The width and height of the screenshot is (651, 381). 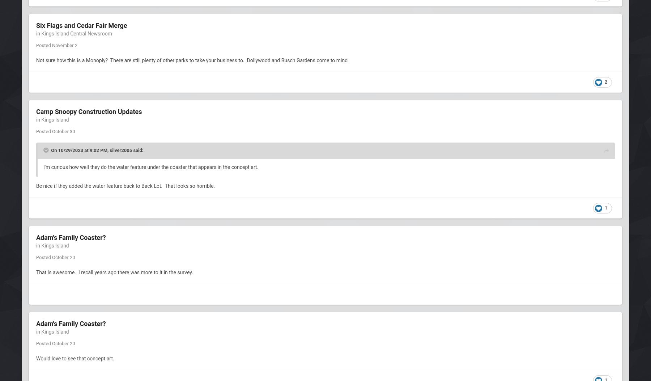 I want to click on 'Camp Snoopy Construction Updates', so click(x=89, y=111).